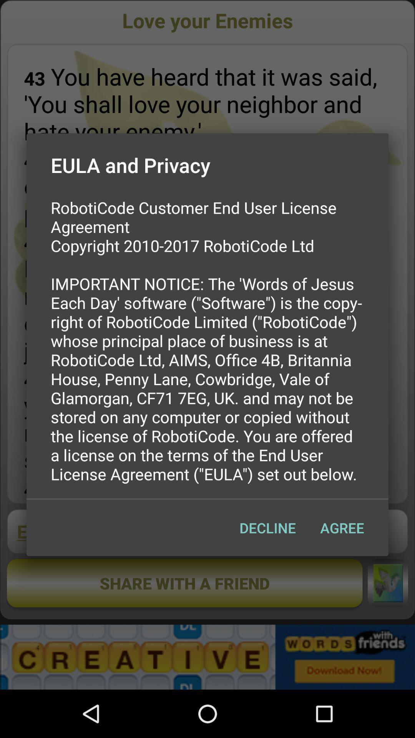  Describe the element at coordinates (342, 527) in the screenshot. I see `the button to the right of decline button` at that location.